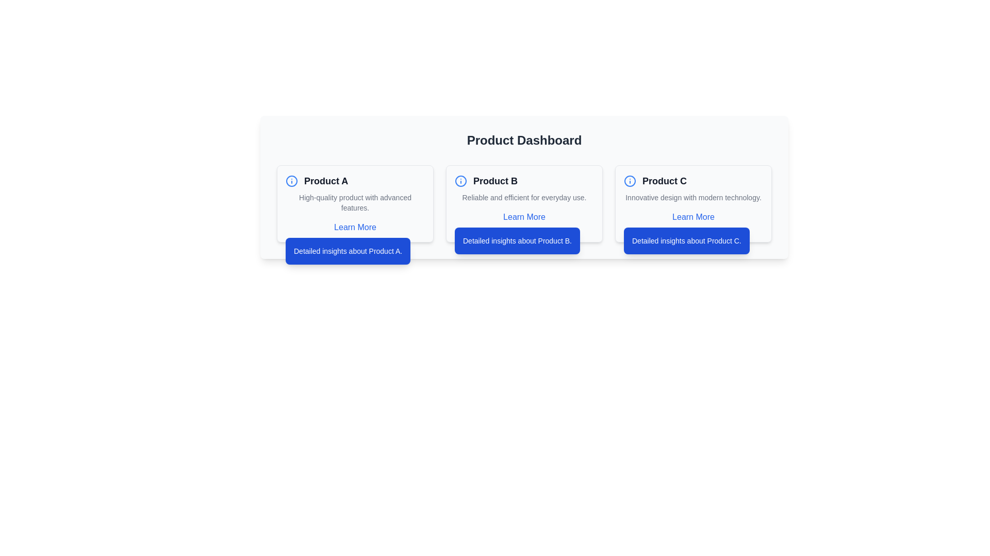 The image size is (990, 556). Describe the element at coordinates (524, 216) in the screenshot. I see `the 'Learn More' hyperlink styled in blue, located beneath the description of 'Product B' and above the 'Detailed insights about Product B.' button` at that location.